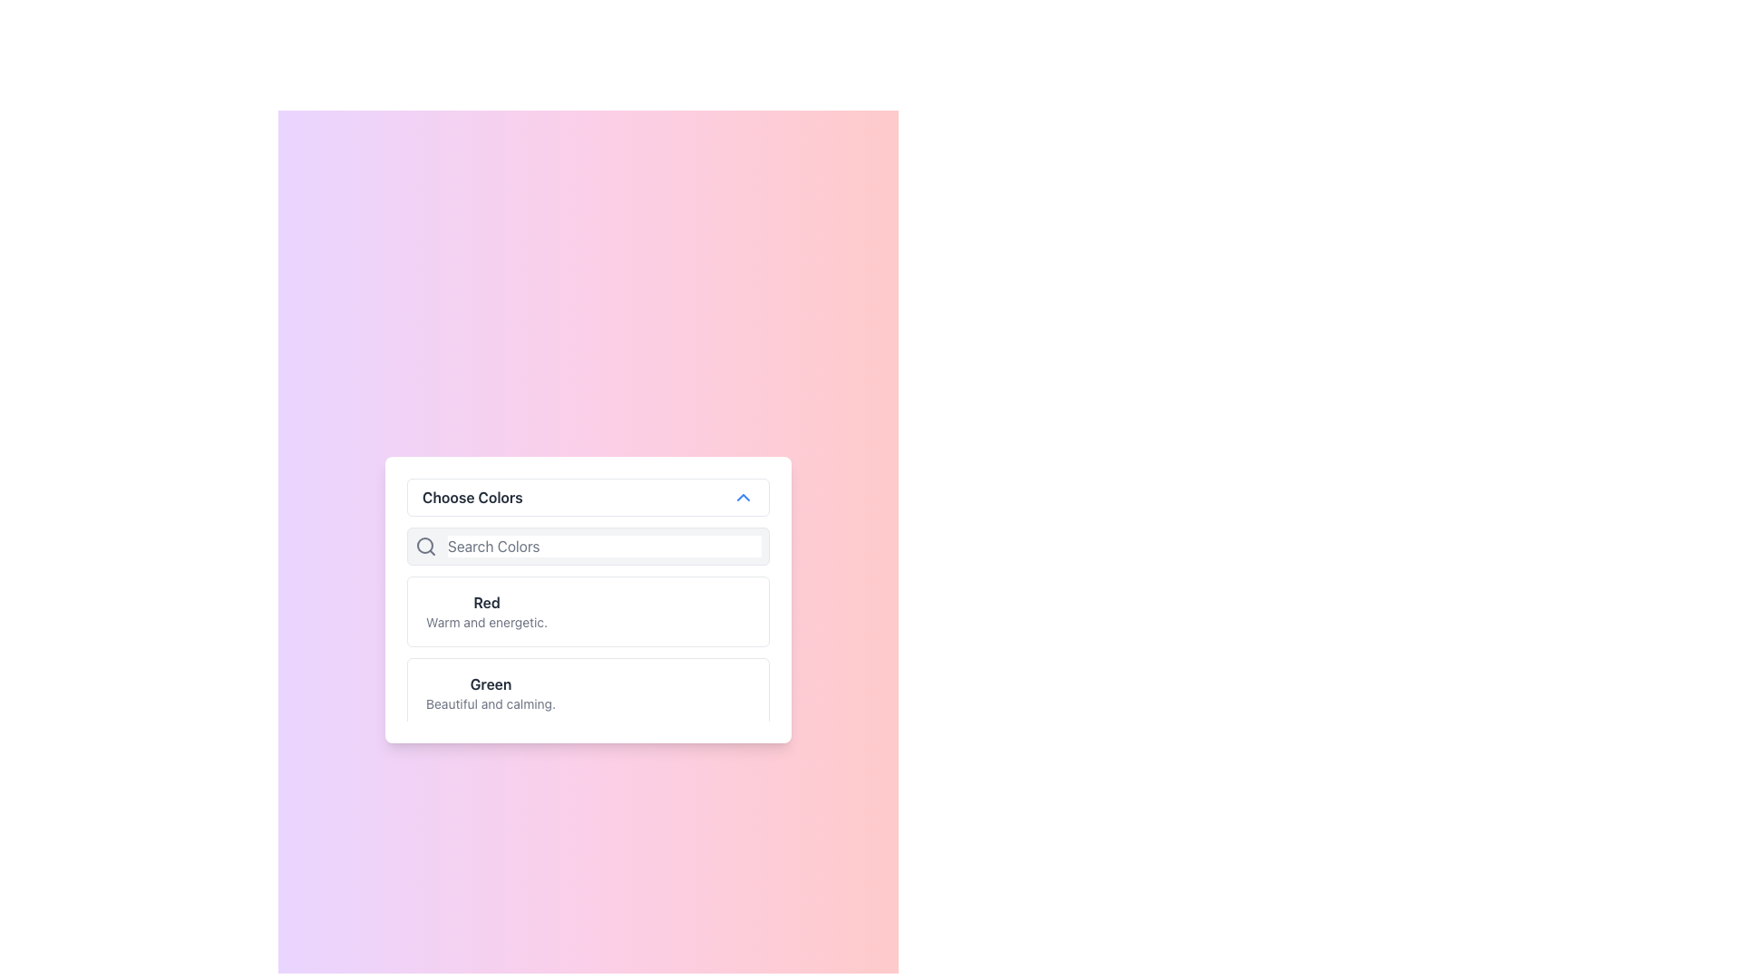 The width and height of the screenshot is (1741, 979). I want to click on the color choice text label located within the 'Choose Colors' dropdown menu, positioned above the description 'Warm and energetic.', so click(487, 602).